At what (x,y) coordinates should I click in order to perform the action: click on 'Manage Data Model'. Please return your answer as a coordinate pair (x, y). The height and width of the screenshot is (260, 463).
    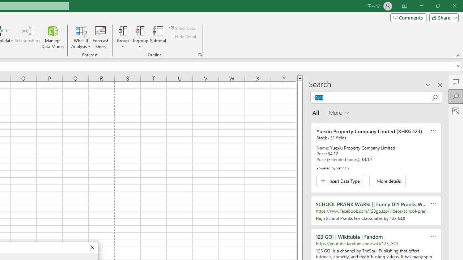
    Looking at the image, I should click on (52, 37).